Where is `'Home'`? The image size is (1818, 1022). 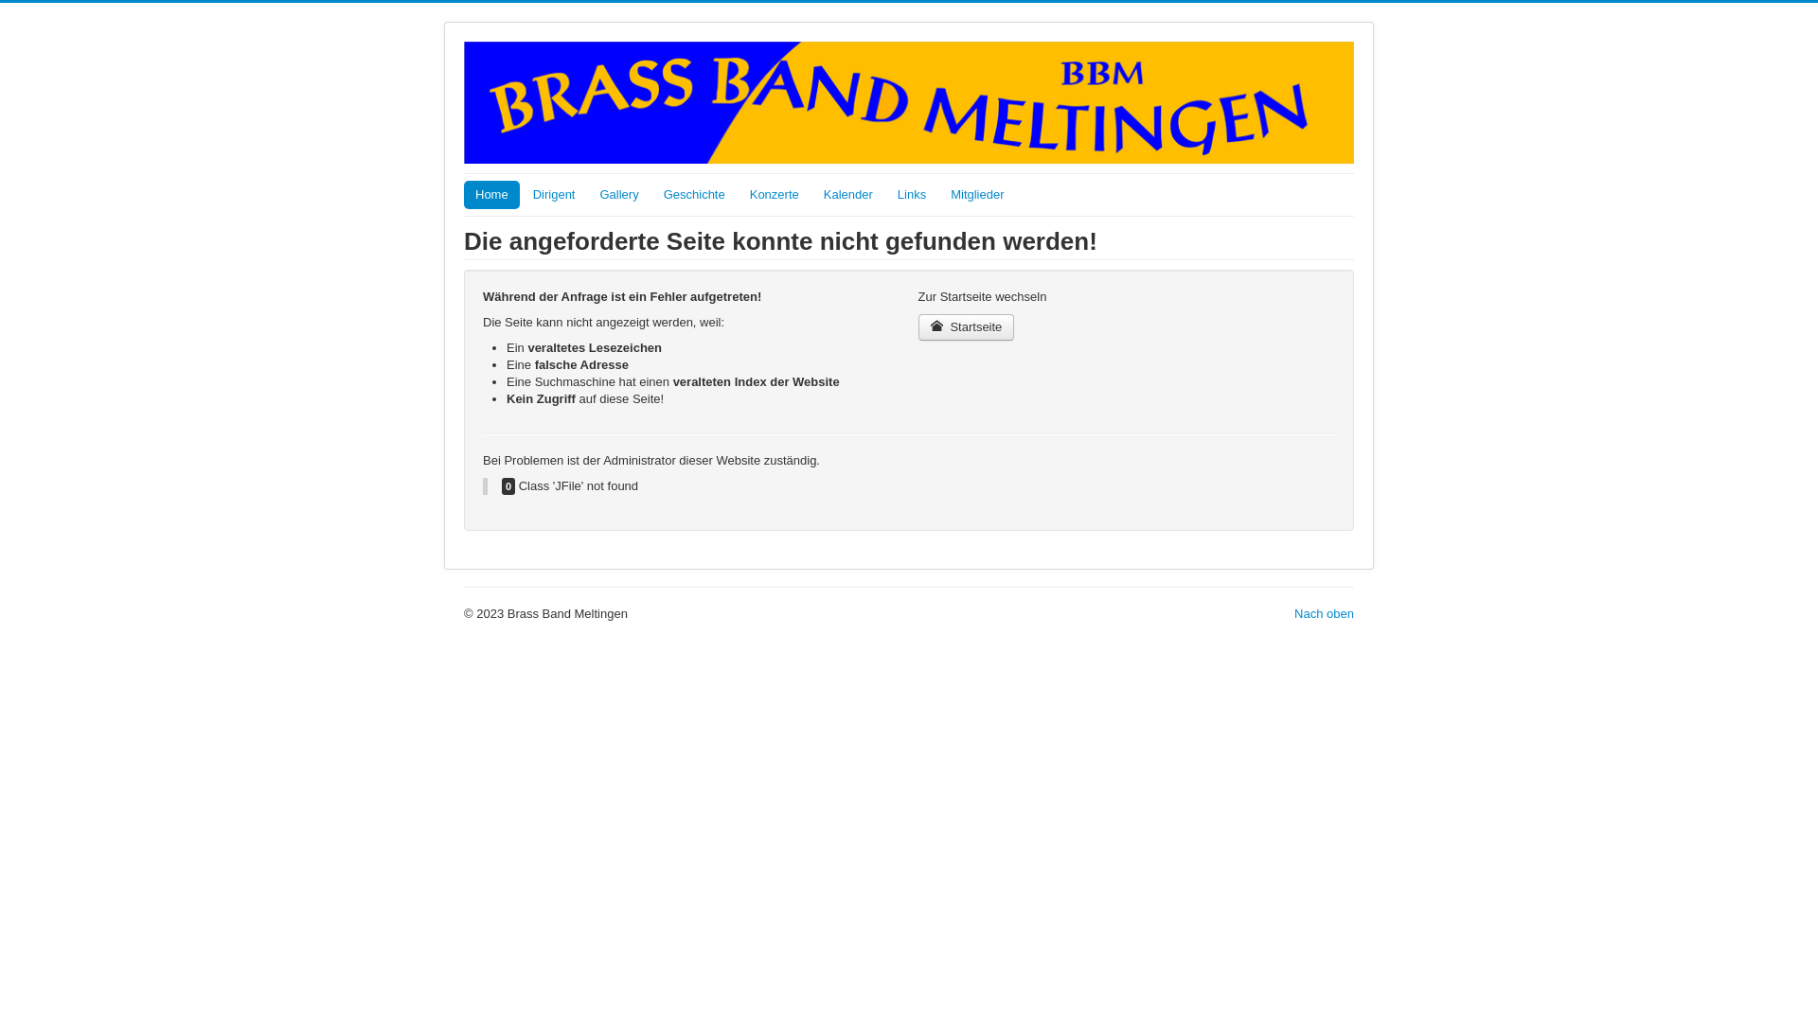
'Home' is located at coordinates (491, 194).